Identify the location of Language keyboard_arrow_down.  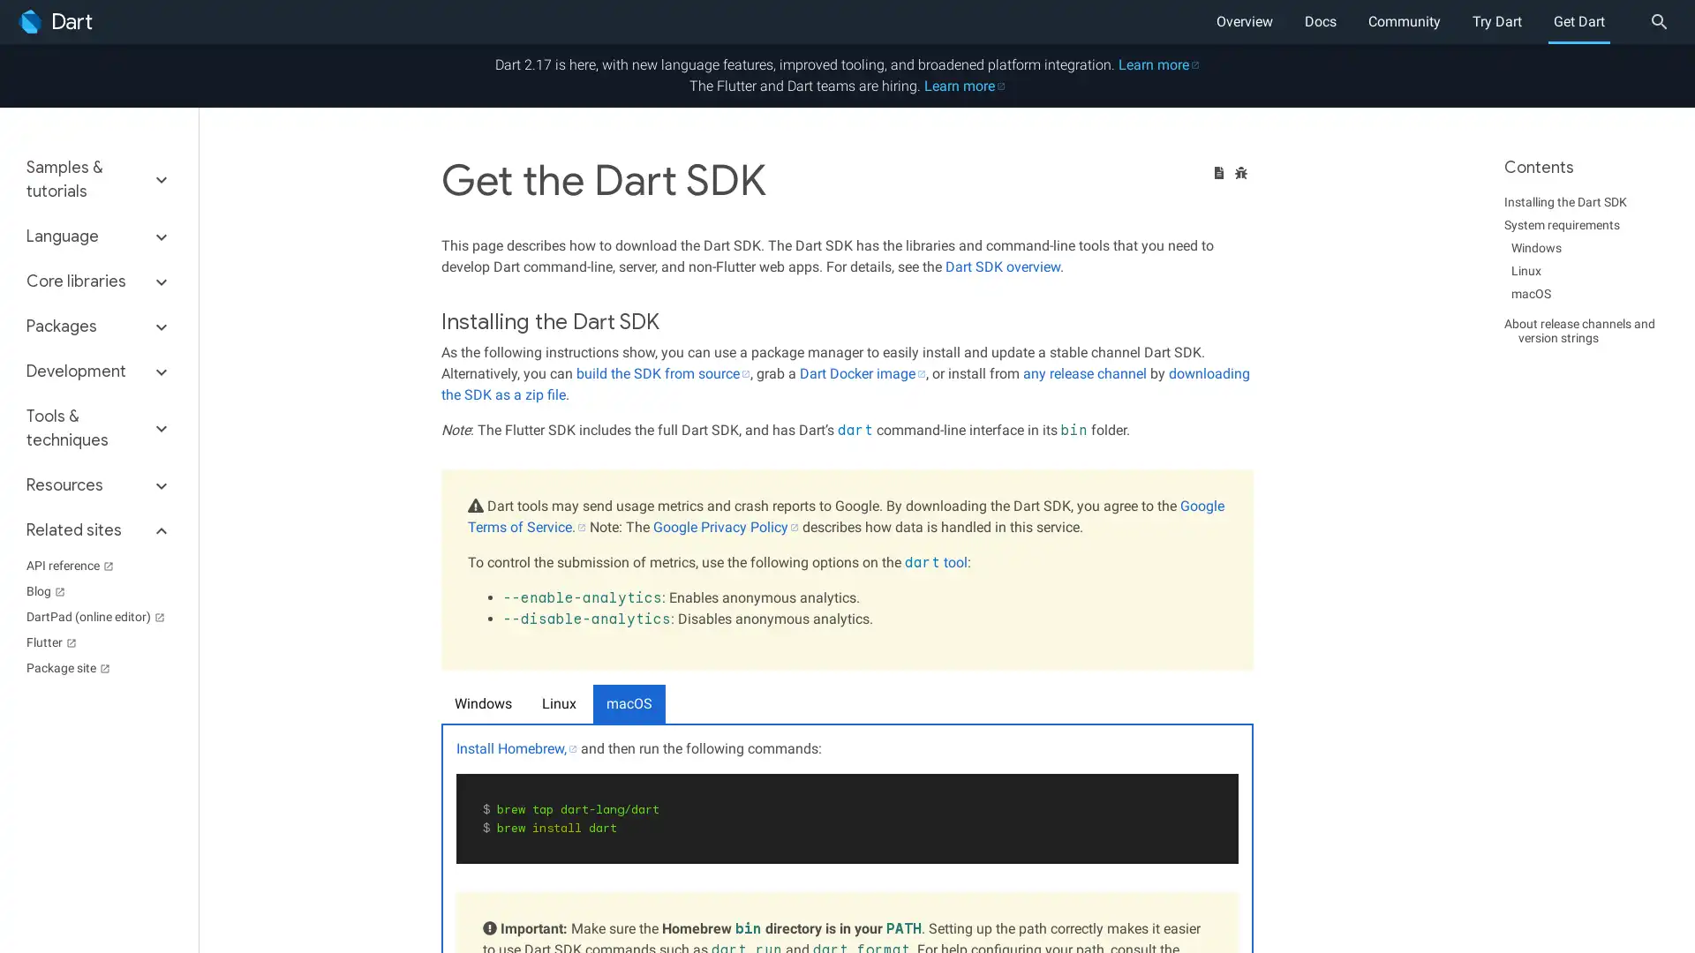
(98, 236).